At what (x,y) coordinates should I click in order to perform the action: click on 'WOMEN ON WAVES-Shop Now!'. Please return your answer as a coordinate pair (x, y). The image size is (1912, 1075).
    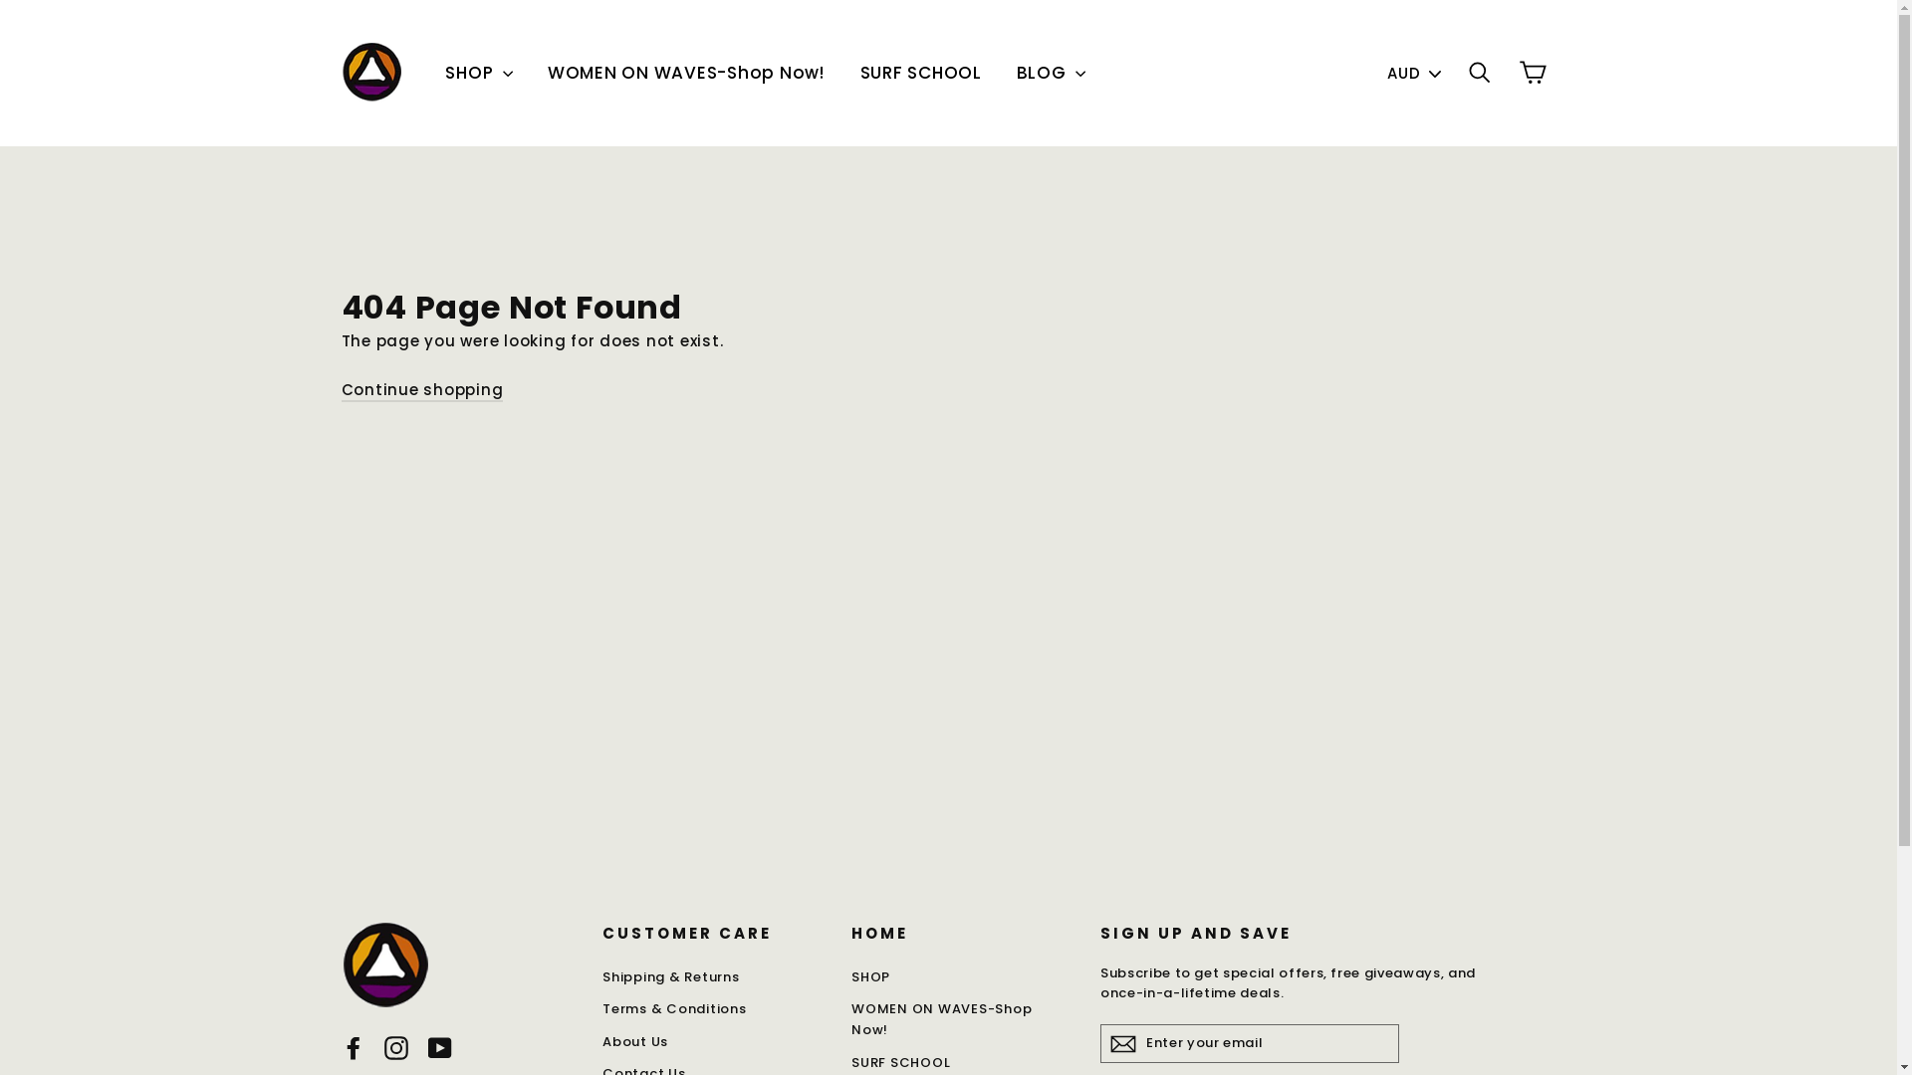
    Looking at the image, I should click on (960, 1020).